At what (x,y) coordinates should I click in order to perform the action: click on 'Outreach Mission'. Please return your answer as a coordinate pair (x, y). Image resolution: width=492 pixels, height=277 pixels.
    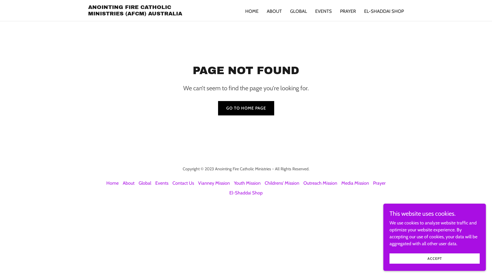
    Looking at the image, I should click on (320, 183).